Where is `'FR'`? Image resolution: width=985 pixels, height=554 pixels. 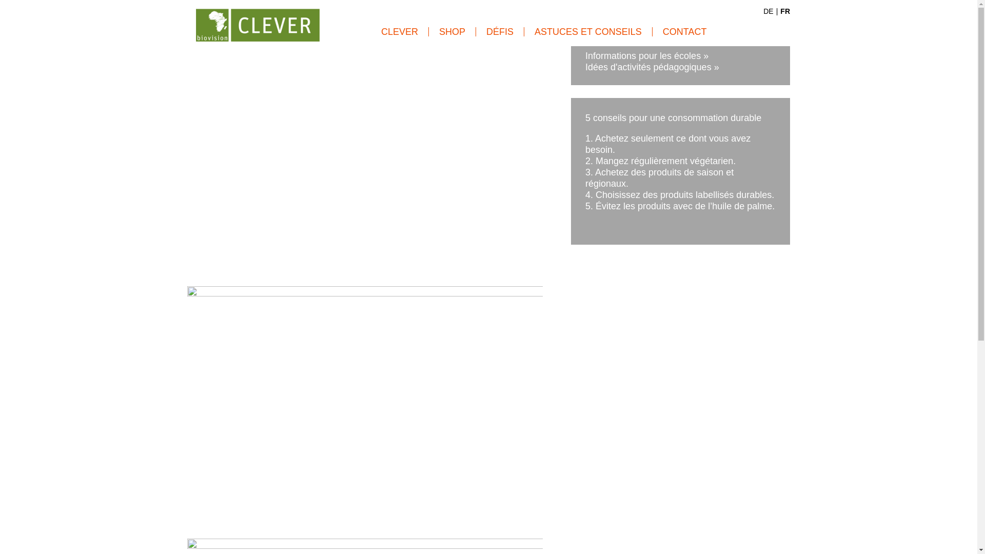 'FR' is located at coordinates (780, 11).